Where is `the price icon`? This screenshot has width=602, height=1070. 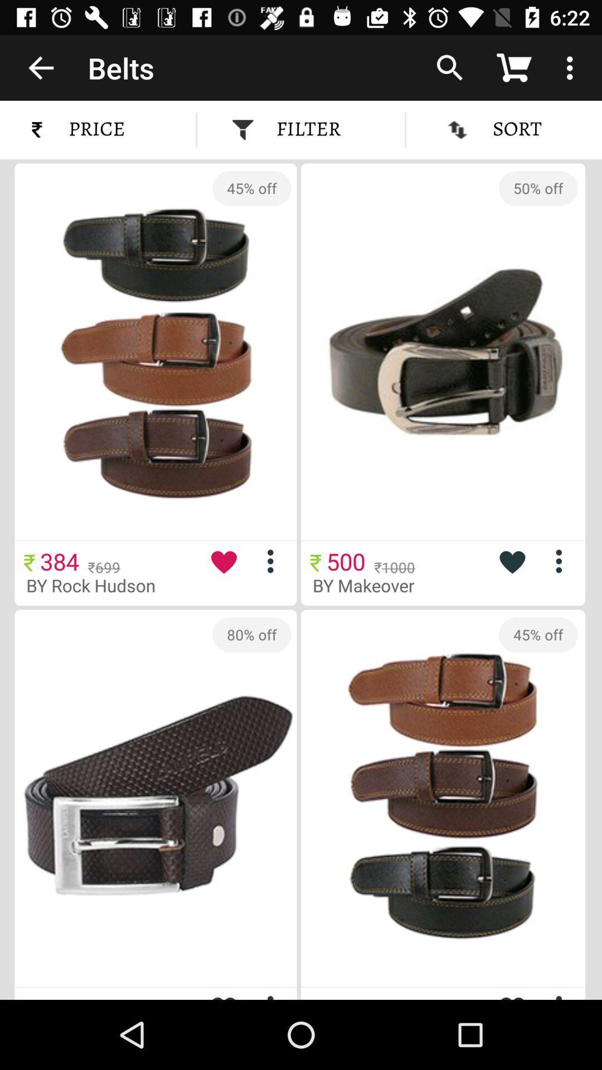
the price icon is located at coordinates (91, 130).